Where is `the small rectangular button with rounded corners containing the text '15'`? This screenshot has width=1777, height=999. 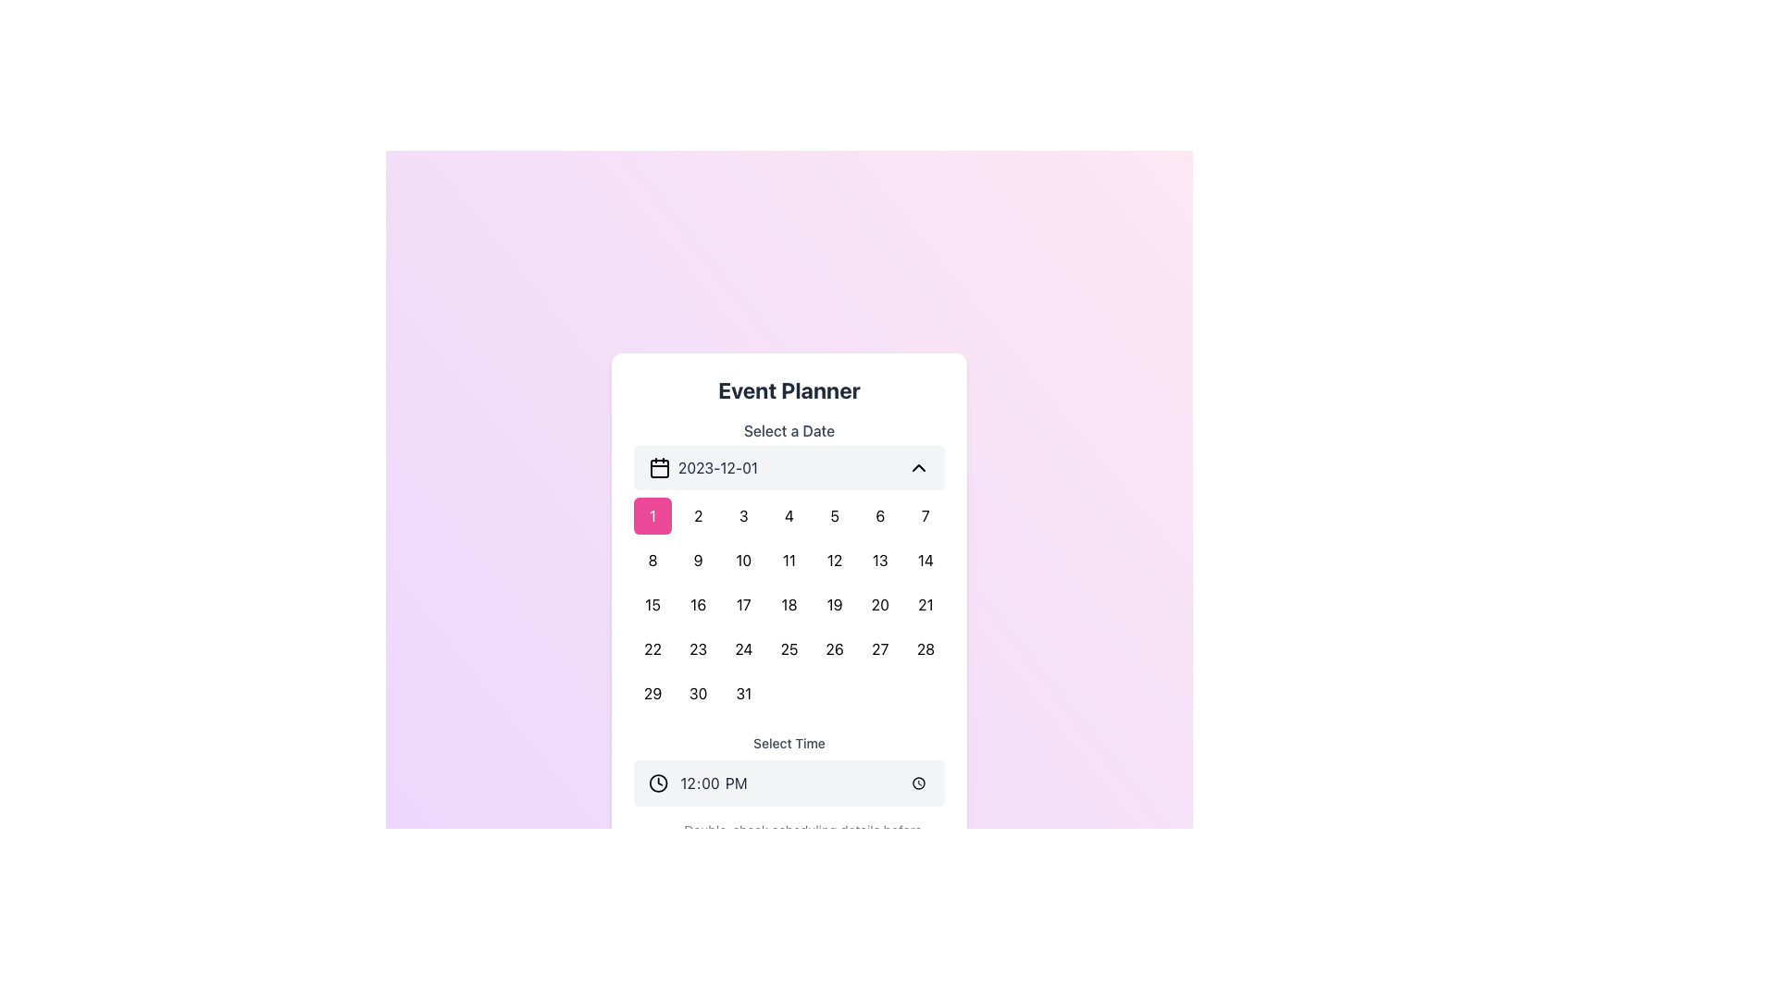
the small rectangular button with rounded corners containing the text '15' is located at coordinates (652, 605).